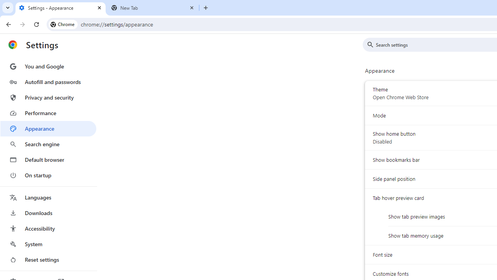  I want to click on 'Accessibility', so click(48, 228).